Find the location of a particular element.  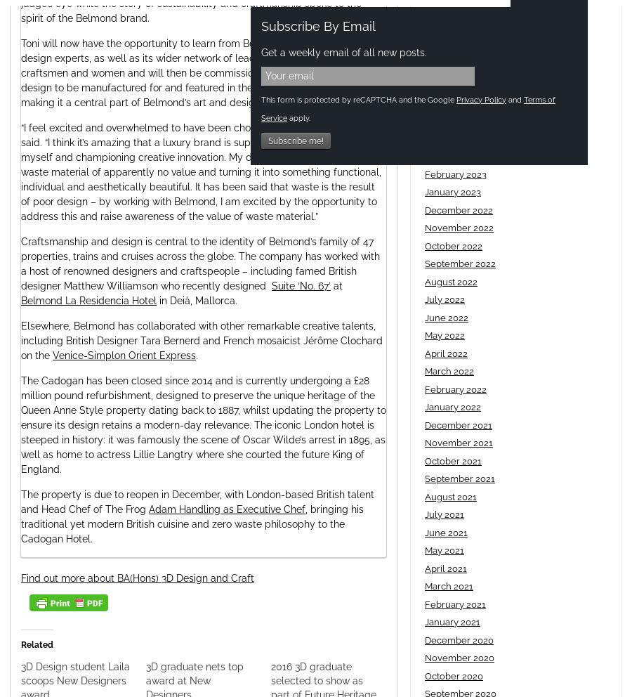

'February 2023' is located at coordinates (455, 174).